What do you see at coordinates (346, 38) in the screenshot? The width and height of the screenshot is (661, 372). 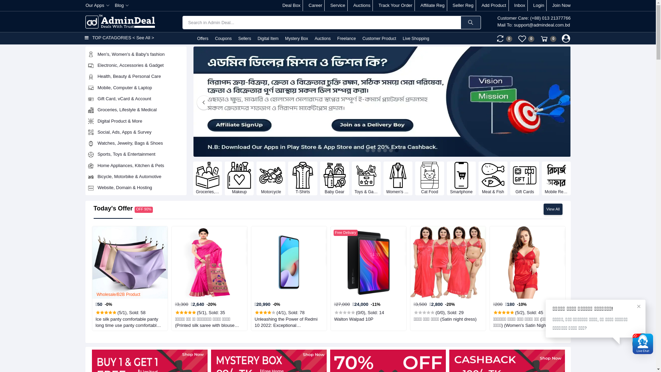 I see `'Freelance'` at bounding box center [346, 38].